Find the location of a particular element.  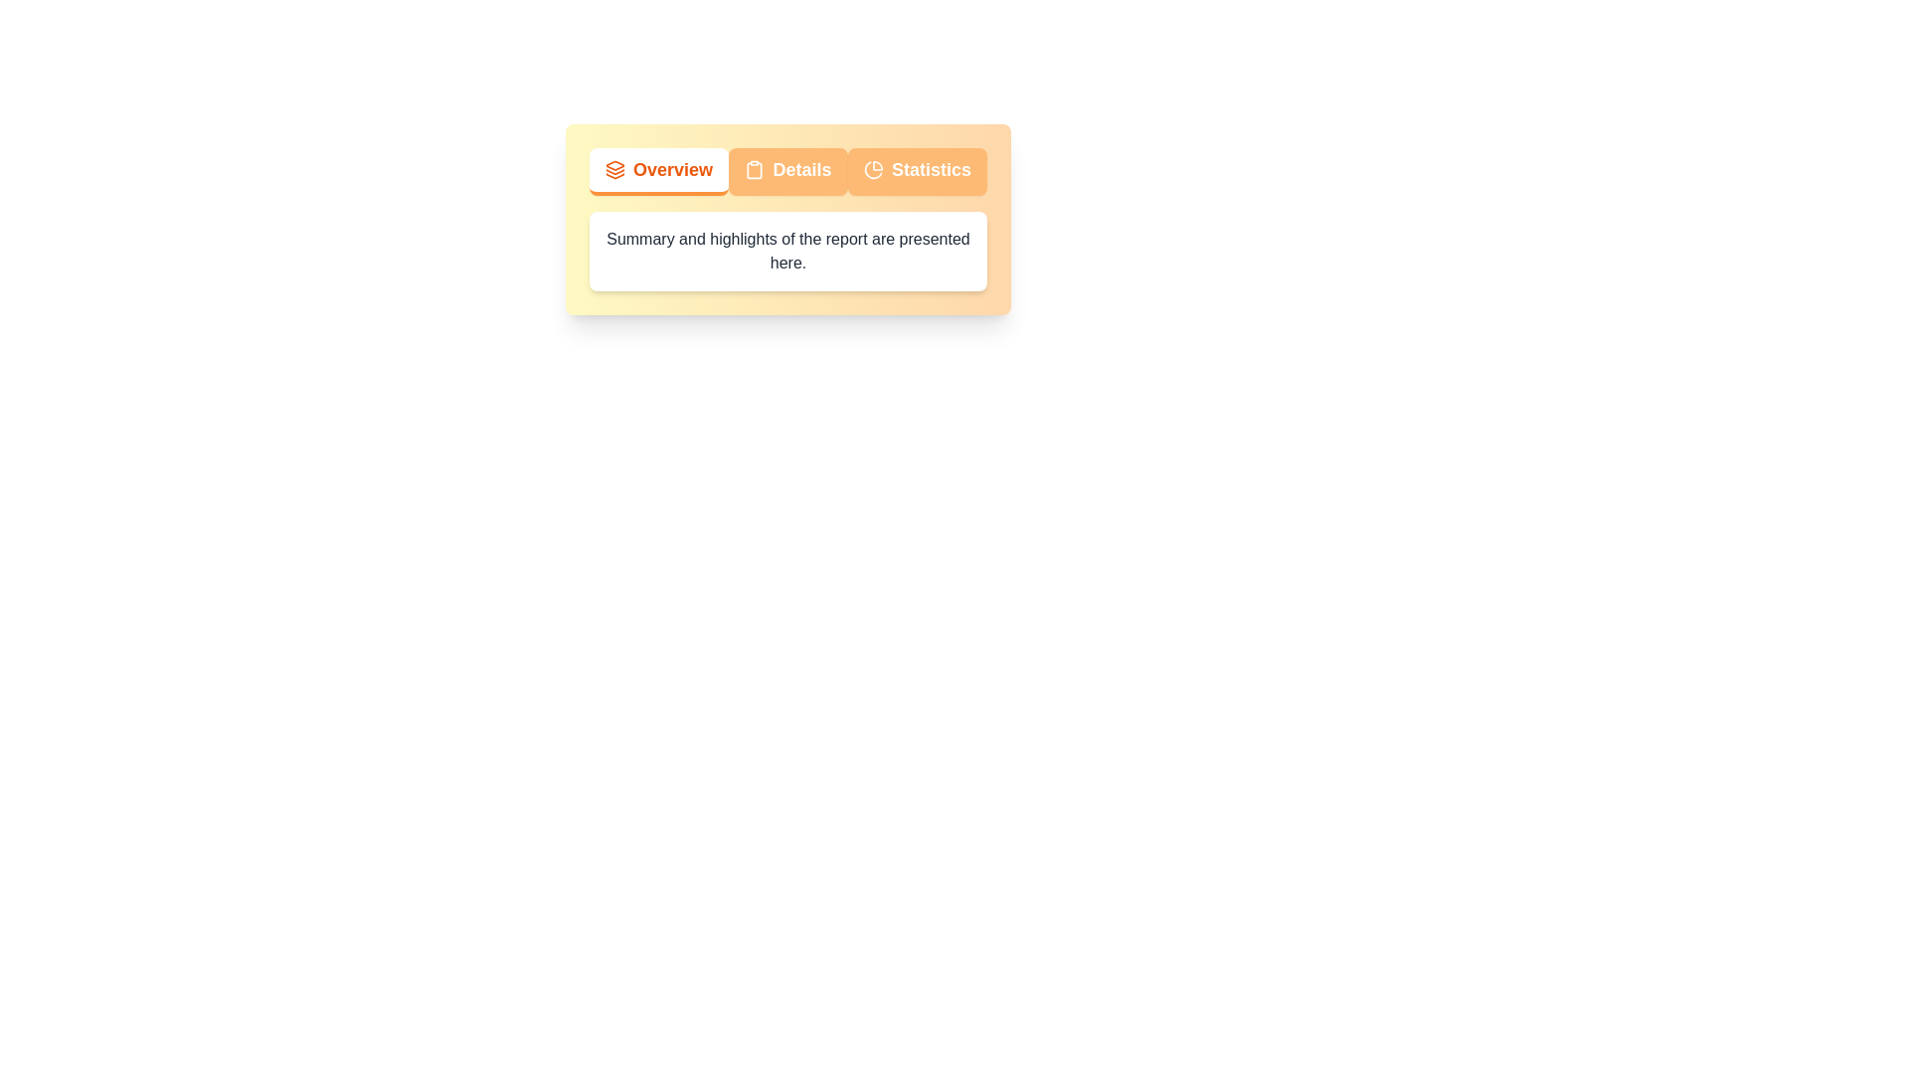

the 'Overview' tab label, which is an orange, bold text label located on the left side of the tab bar is located at coordinates (672, 168).